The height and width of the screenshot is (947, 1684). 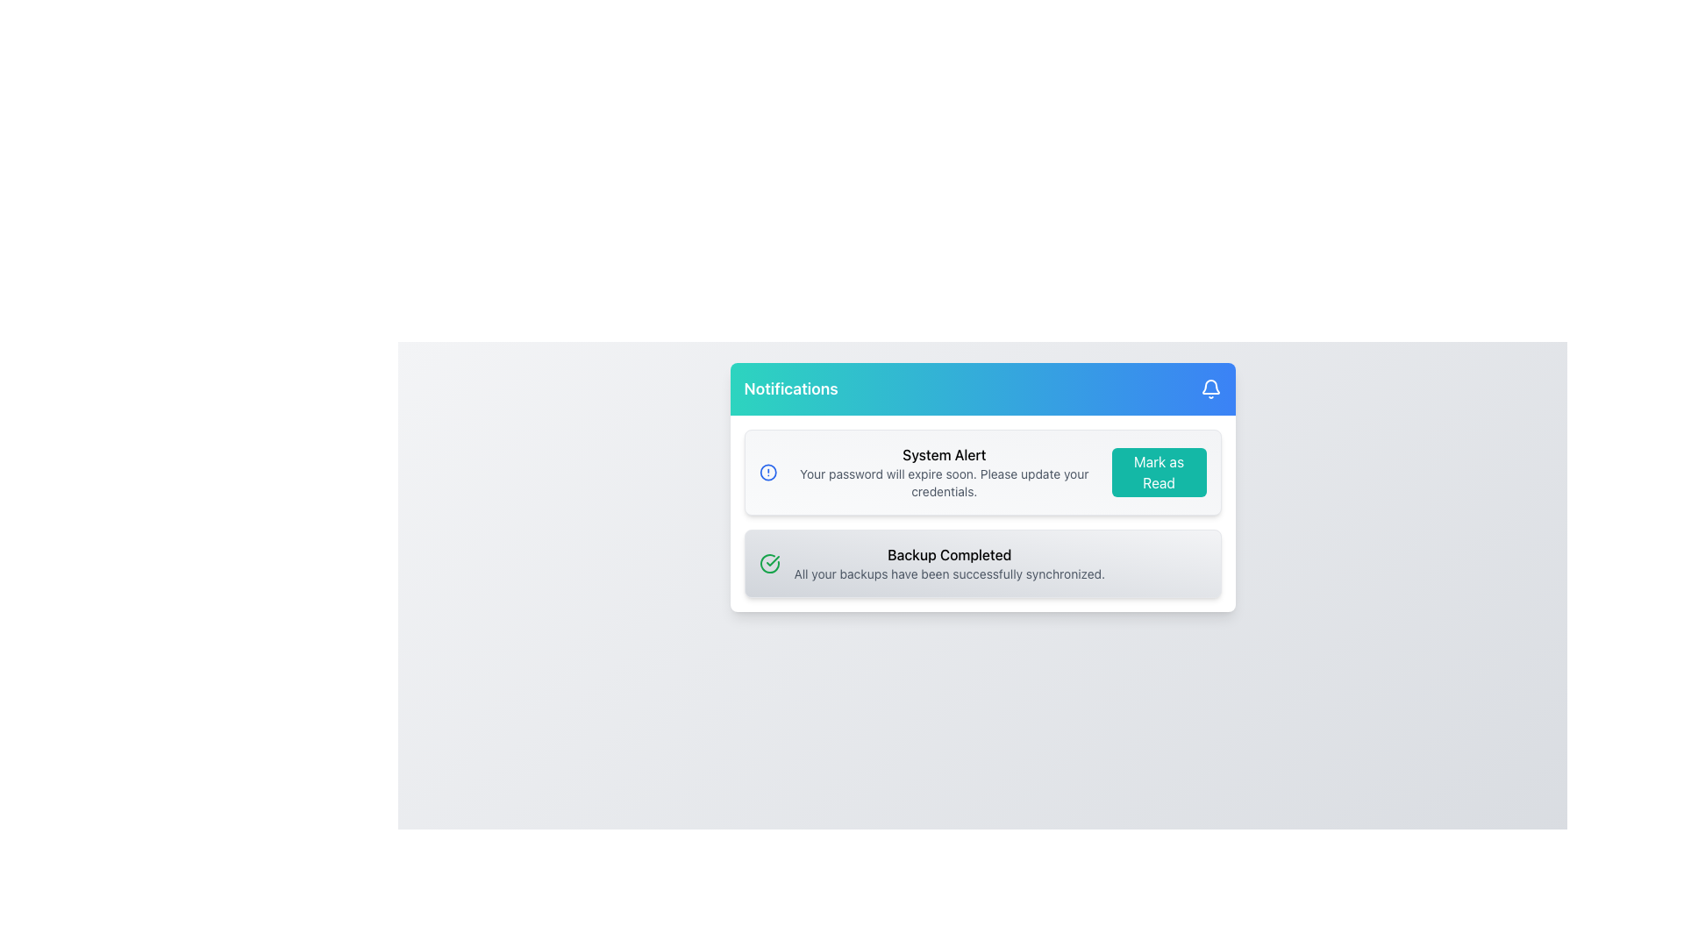 I want to click on the 'Mark as Read' button, which is a teal button with white text located in the top-right corner of the notification card, so click(x=1159, y=472).